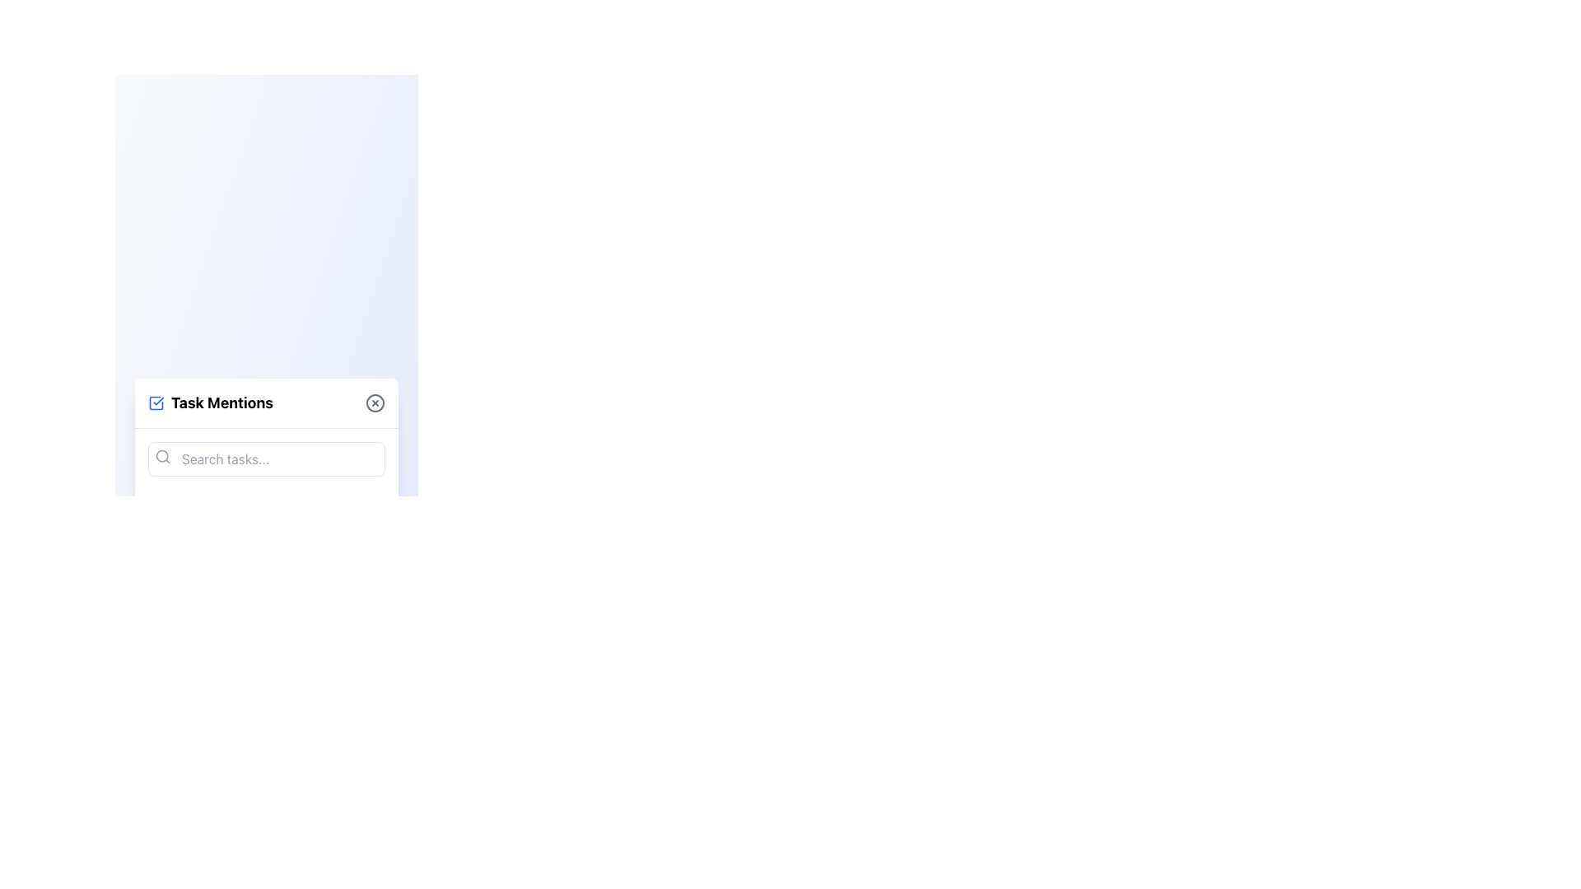 The image size is (1581, 889). I want to click on the close button located in the top-right corner of the card, so click(375, 403).